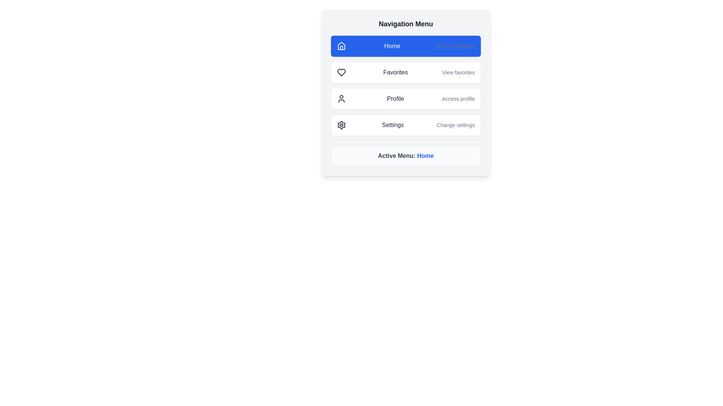  Describe the element at coordinates (392, 124) in the screenshot. I see `the 'Settings' text label, which is part of the menu item with a white background and rounded corners, located centrally between an icon on the left and a subtitle on the right` at that location.